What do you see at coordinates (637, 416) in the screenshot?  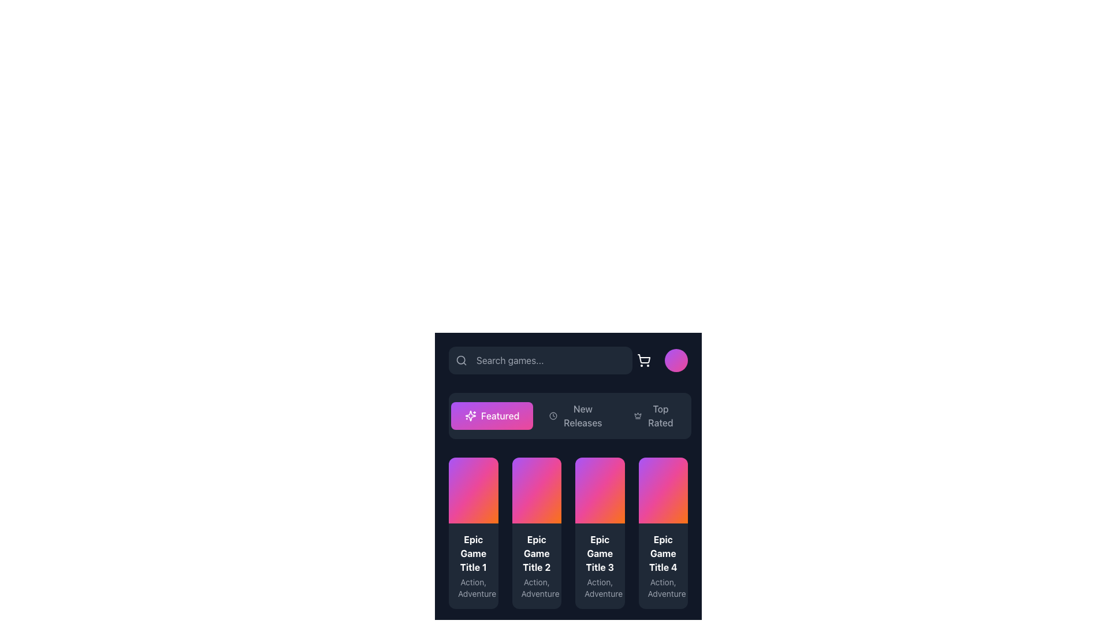 I see `the crown icon within the 'Top Rated' button, which is located on the right side of the navigation bar and features a dark background with light text` at bounding box center [637, 416].